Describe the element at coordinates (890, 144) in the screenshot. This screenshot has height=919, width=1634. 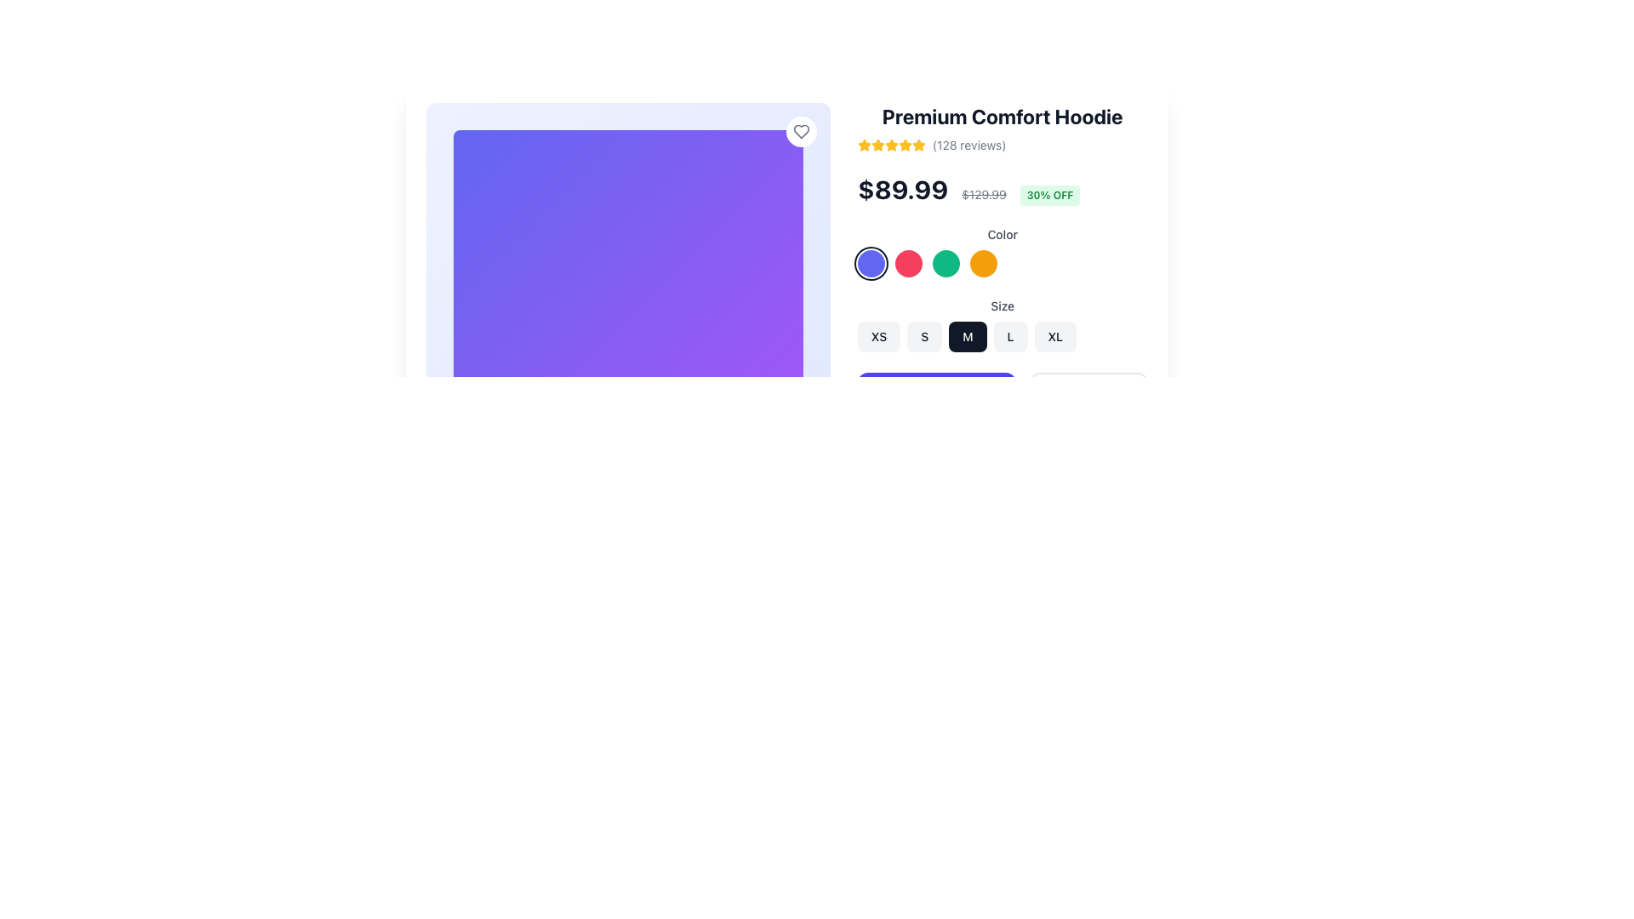
I see `the Rating star icon located in the middle of a horizontal row of five stars` at that location.